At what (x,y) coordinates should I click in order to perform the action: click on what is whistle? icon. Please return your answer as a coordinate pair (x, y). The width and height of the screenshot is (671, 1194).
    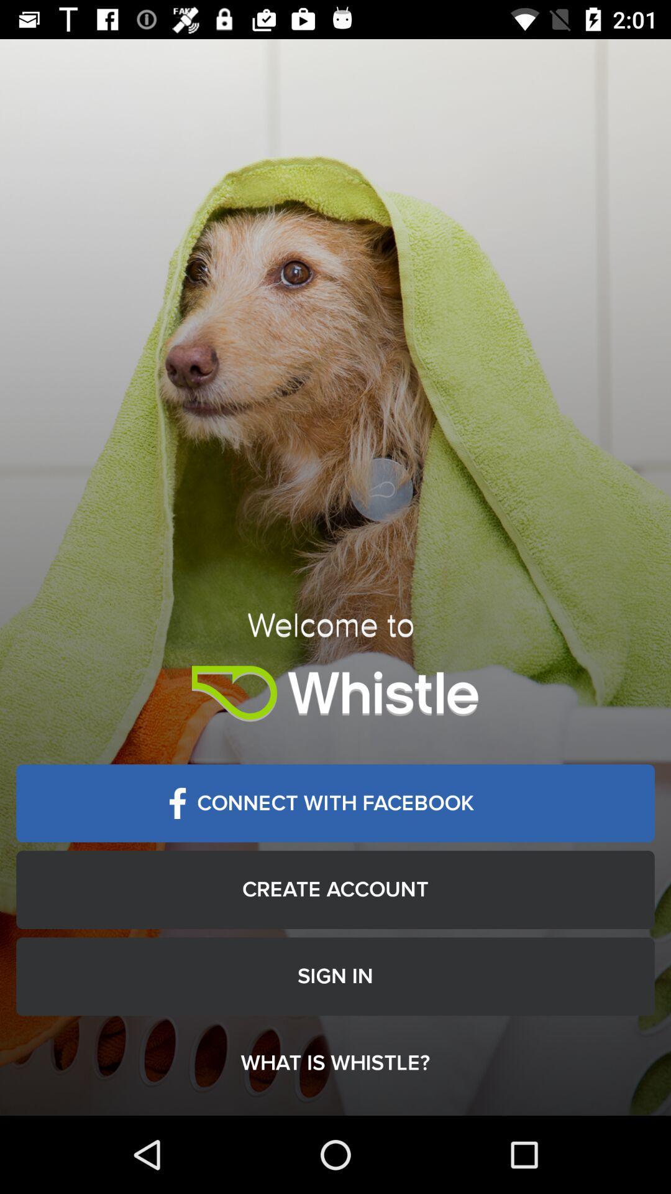
    Looking at the image, I should click on (335, 1062).